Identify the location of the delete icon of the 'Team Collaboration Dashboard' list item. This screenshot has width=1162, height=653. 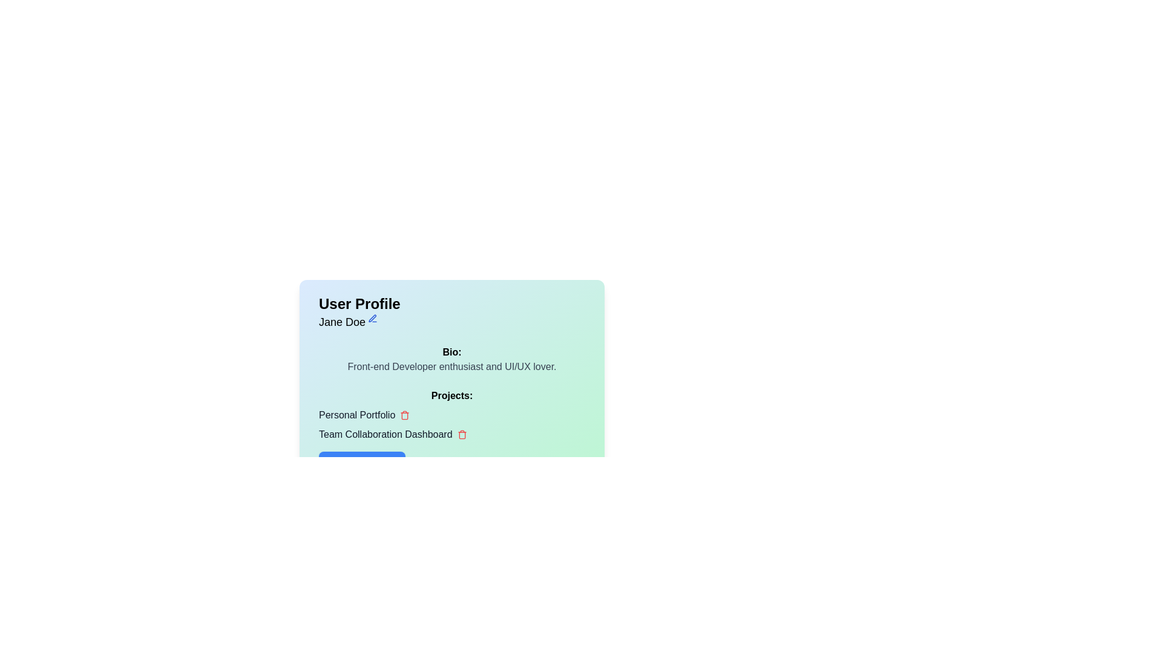
(451, 434).